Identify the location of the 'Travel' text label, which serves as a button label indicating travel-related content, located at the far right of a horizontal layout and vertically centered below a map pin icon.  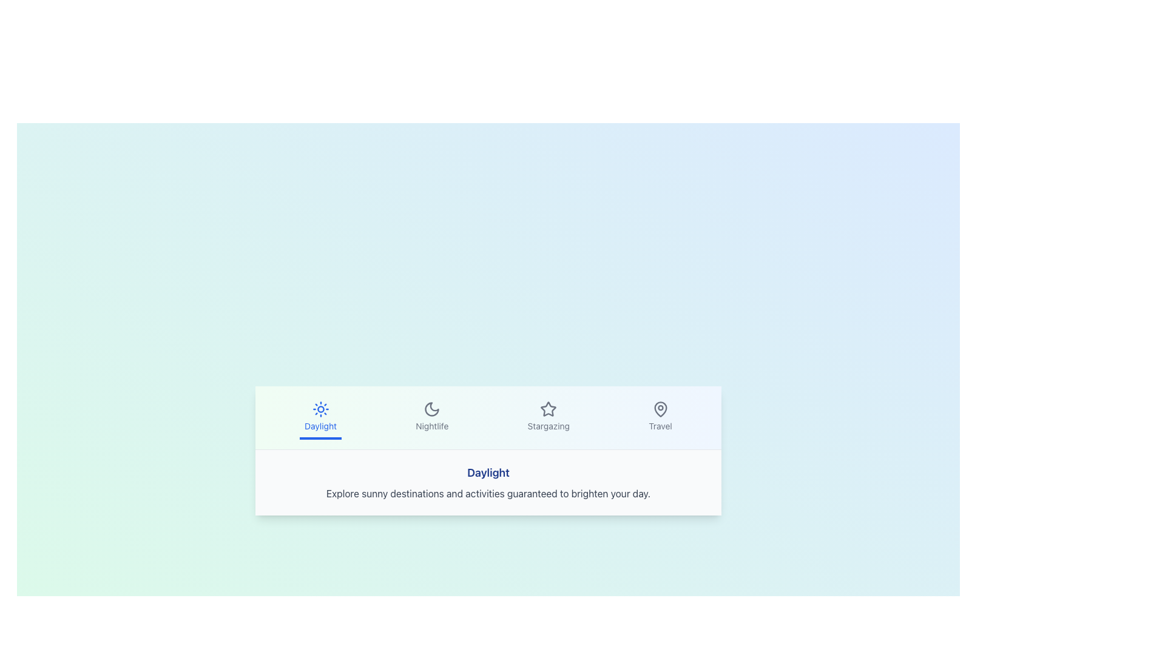
(660, 425).